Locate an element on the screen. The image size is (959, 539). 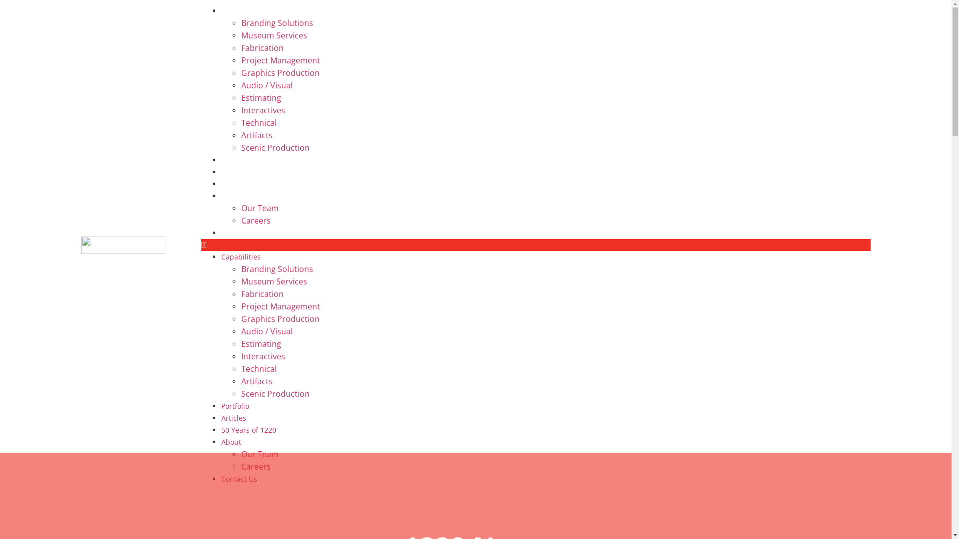
'Interactives' is located at coordinates (263, 355).